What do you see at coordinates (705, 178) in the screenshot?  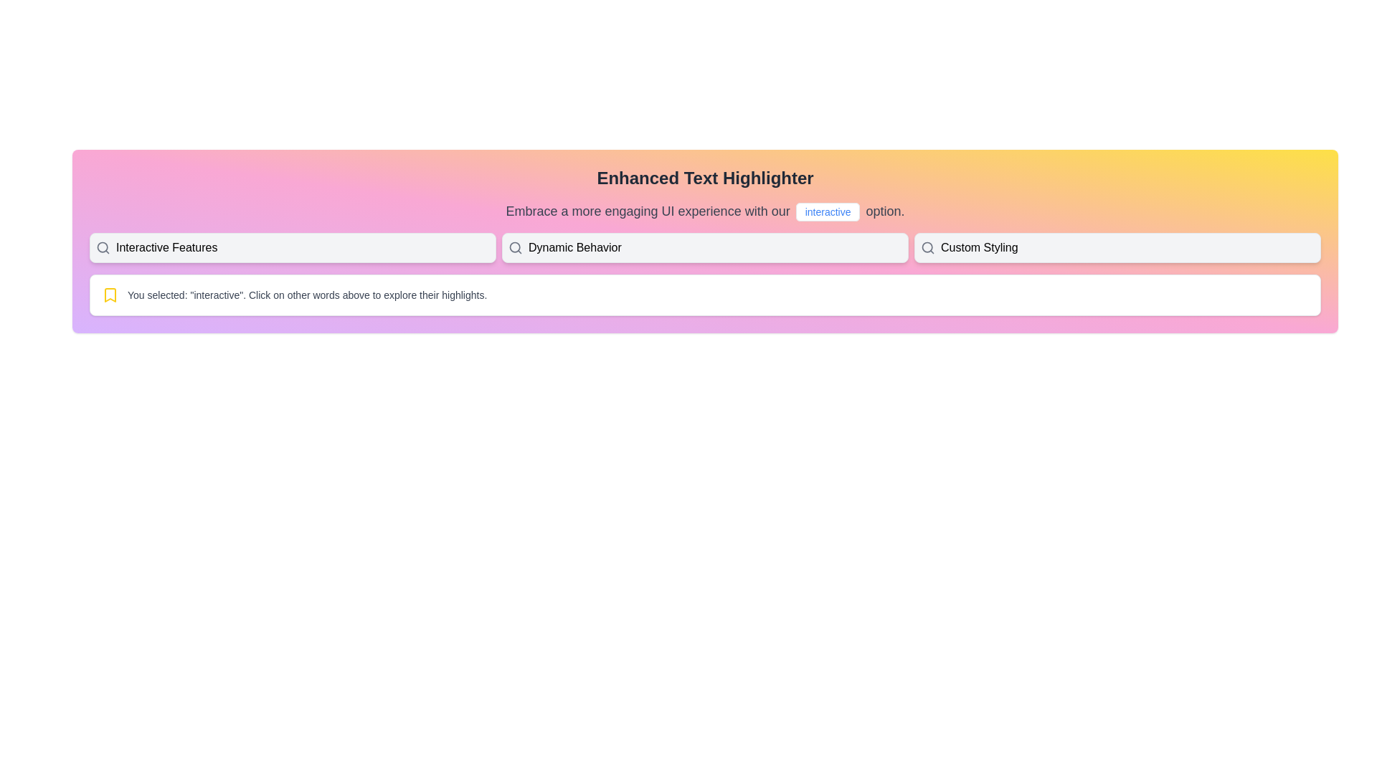 I see `the Text Label that serves as the header or title for the section, positioned at the top center of the interface, directly above a paragraph and other interactive elements` at bounding box center [705, 178].